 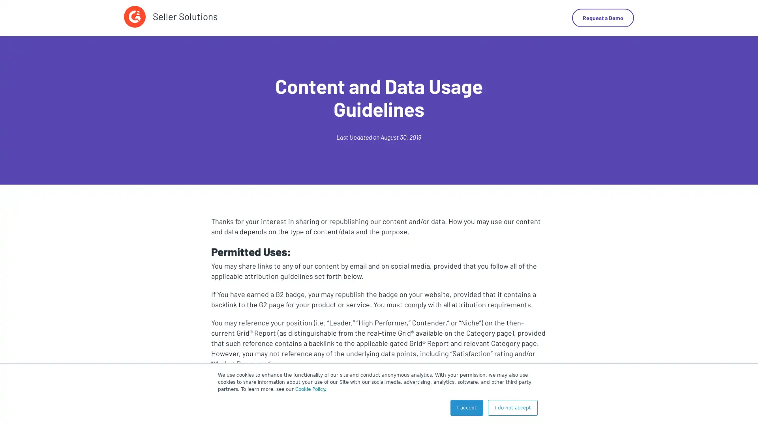 What do you see at coordinates (513, 407) in the screenshot?
I see `I do not accept` at bounding box center [513, 407].